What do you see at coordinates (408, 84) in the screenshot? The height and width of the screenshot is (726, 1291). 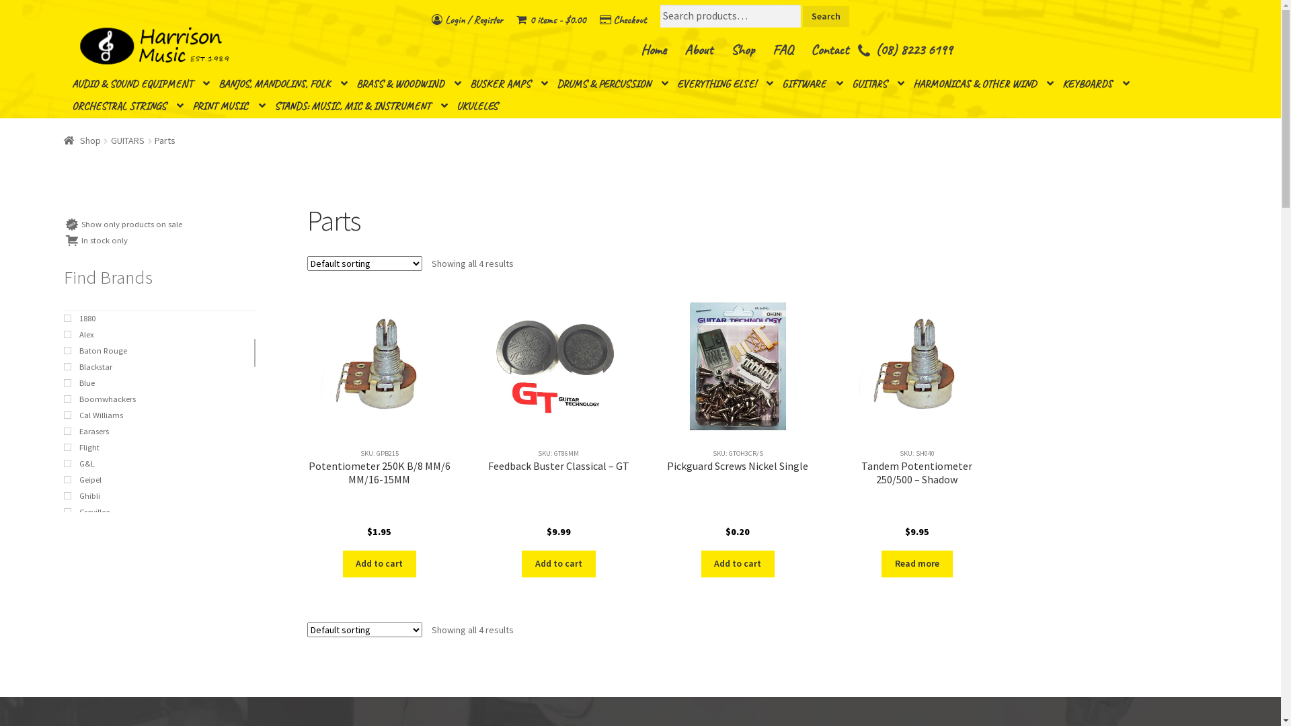 I see `'BRASS & WOODWIND'` at bounding box center [408, 84].